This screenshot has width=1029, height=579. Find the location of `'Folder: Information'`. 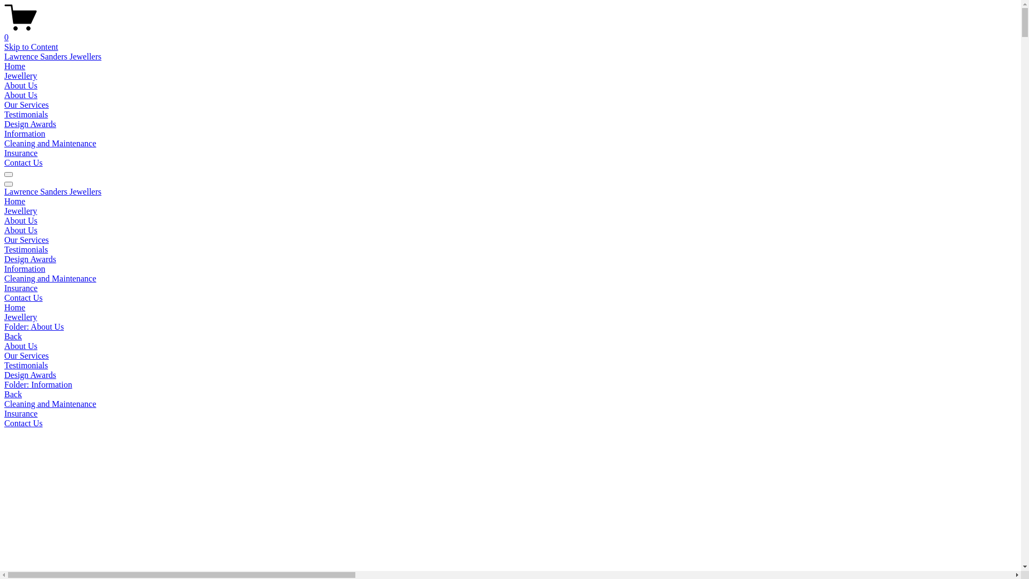

'Folder: Information' is located at coordinates (4, 384).